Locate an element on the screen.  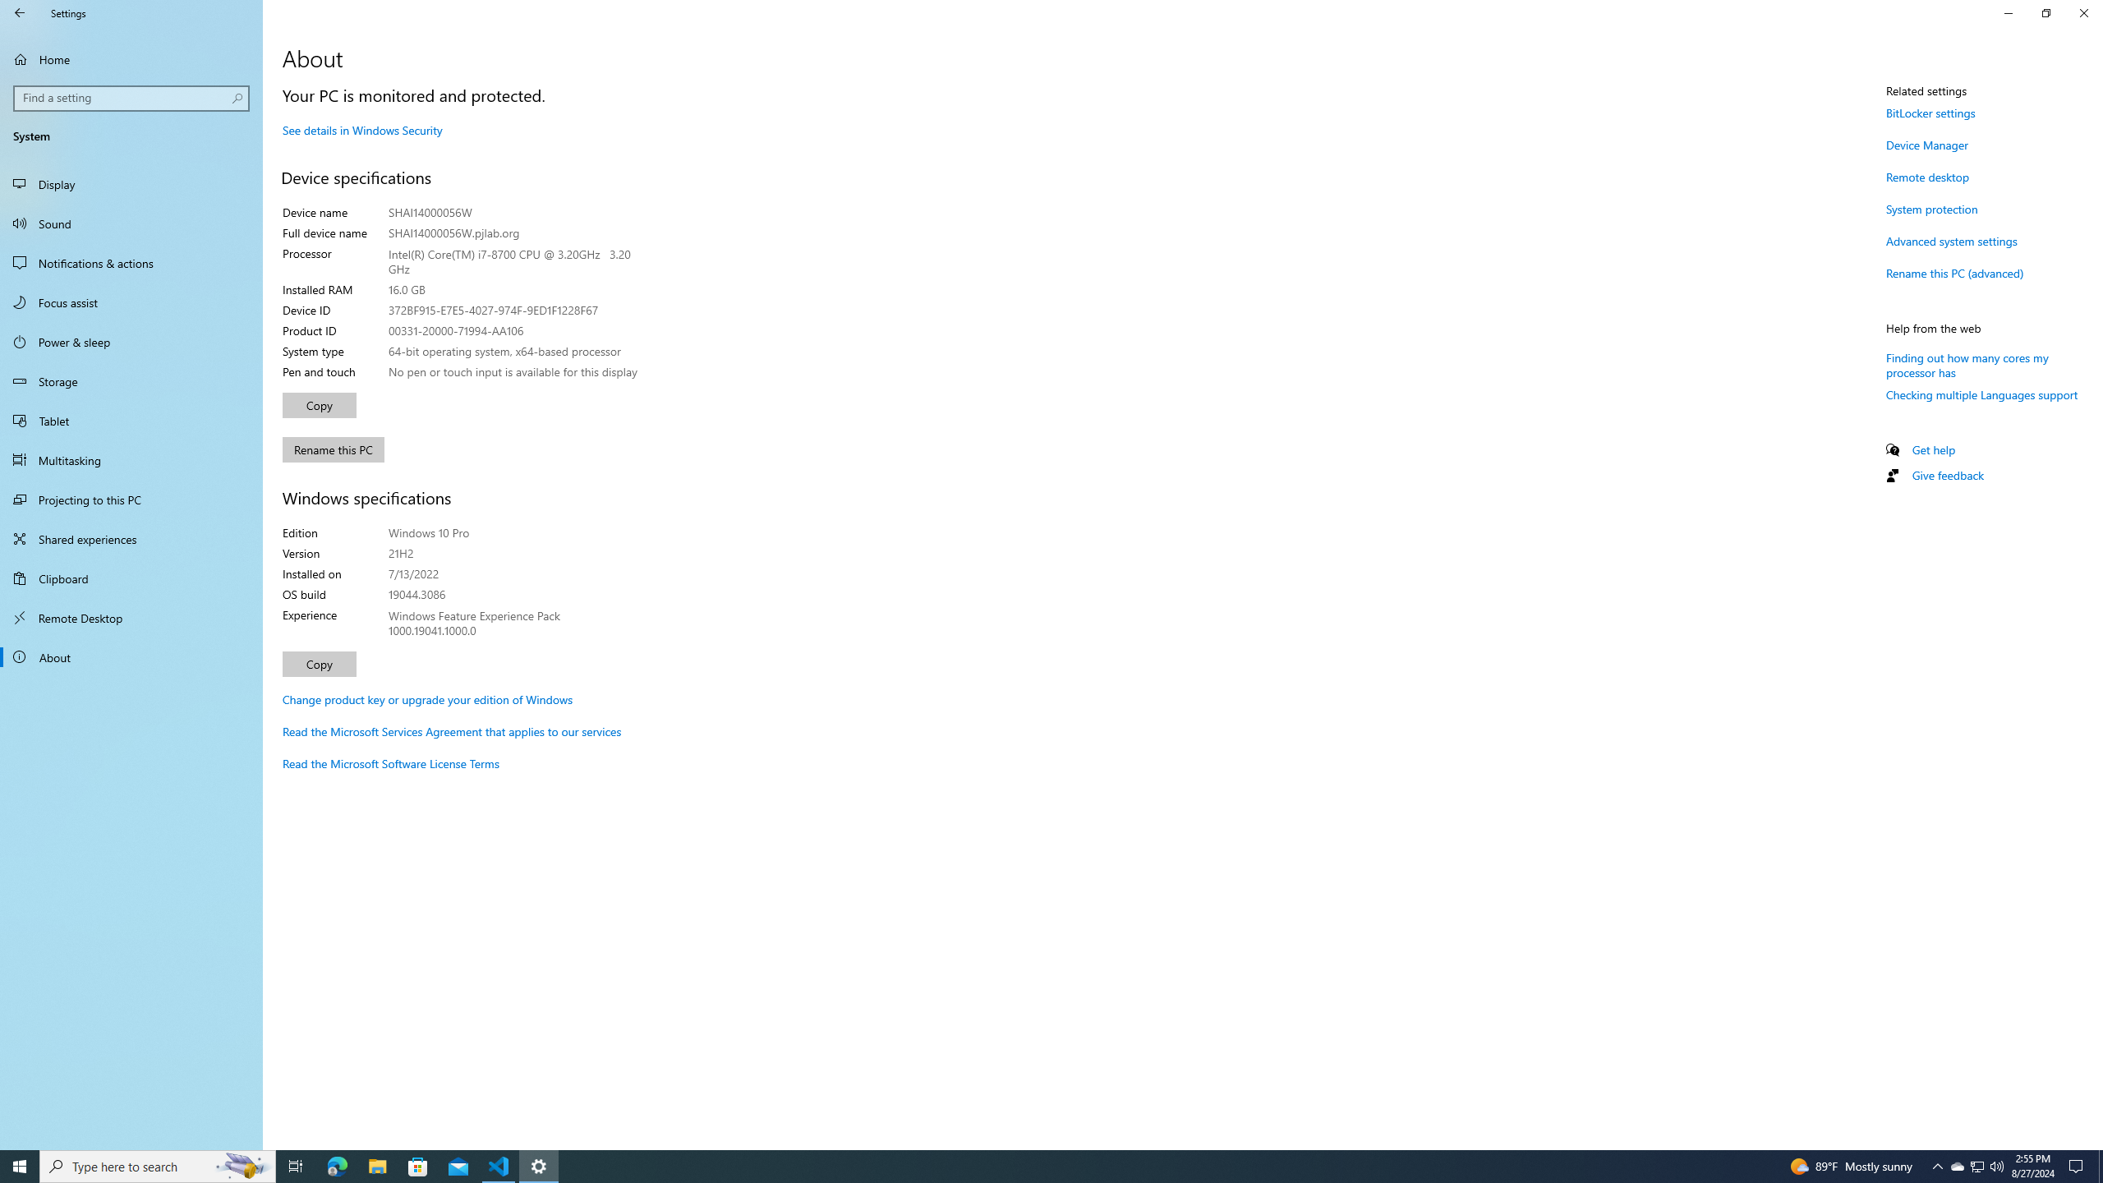
'Rename this PC (advanced)' is located at coordinates (1953, 273).